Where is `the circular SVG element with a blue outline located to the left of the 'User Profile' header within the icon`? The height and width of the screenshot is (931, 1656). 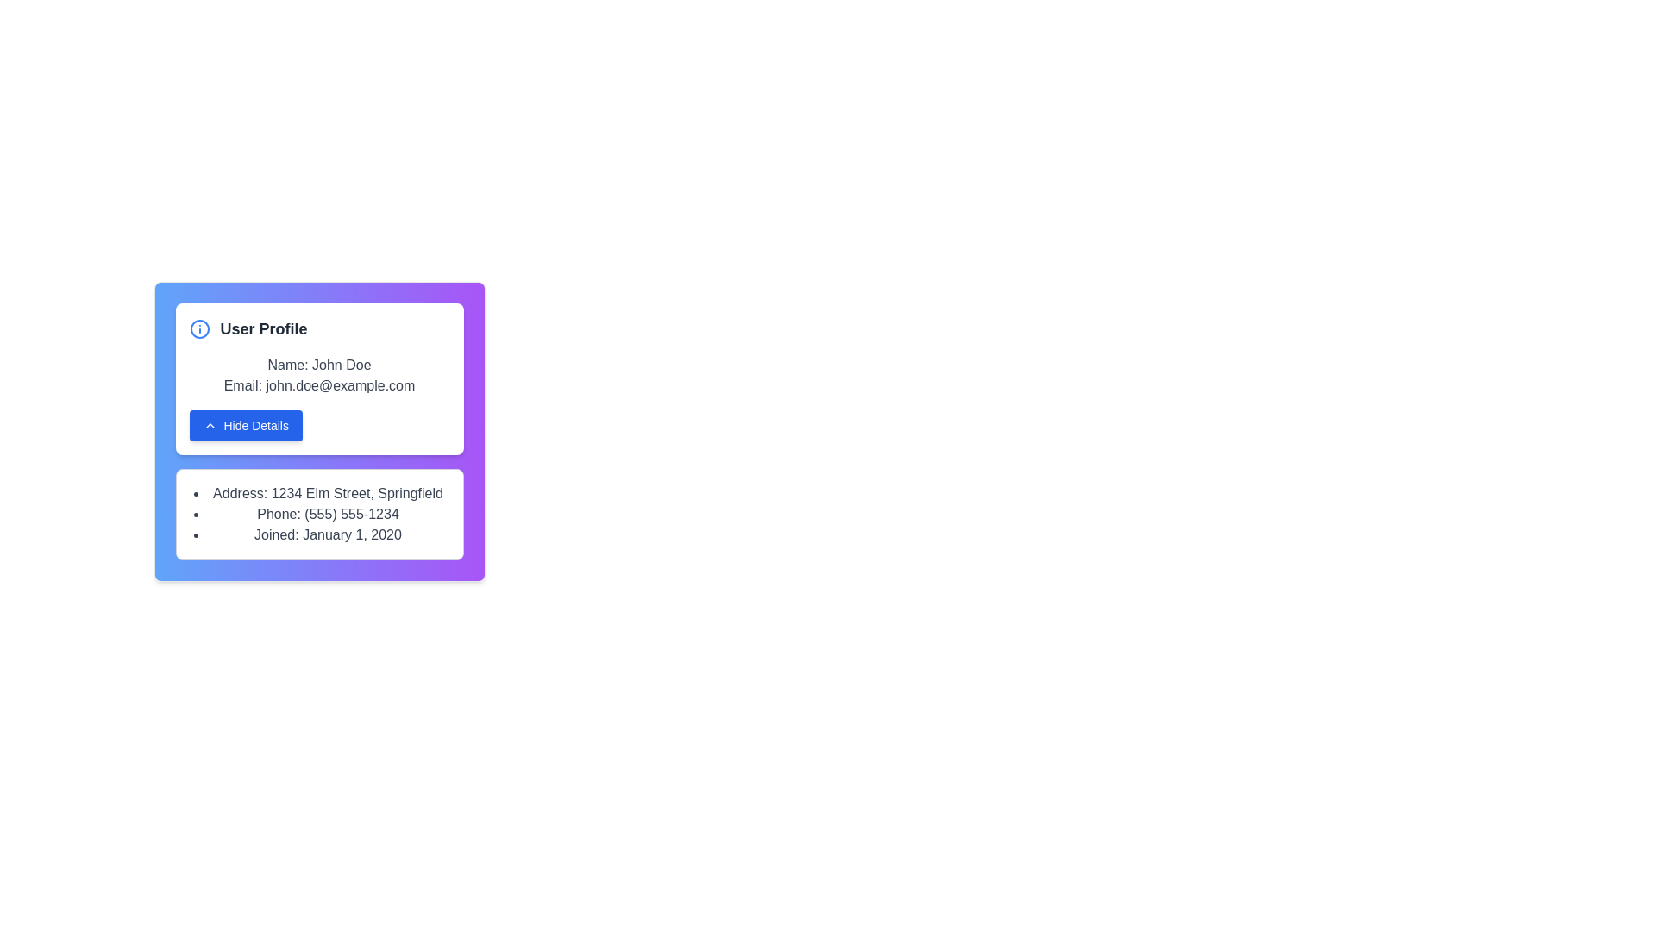 the circular SVG element with a blue outline located to the left of the 'User Profile' header within the icon is located at coordinates (199, 328).